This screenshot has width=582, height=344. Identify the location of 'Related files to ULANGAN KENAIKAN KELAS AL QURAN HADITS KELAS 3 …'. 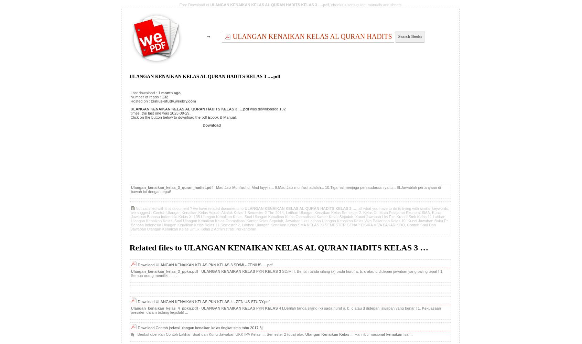
(279, 247).